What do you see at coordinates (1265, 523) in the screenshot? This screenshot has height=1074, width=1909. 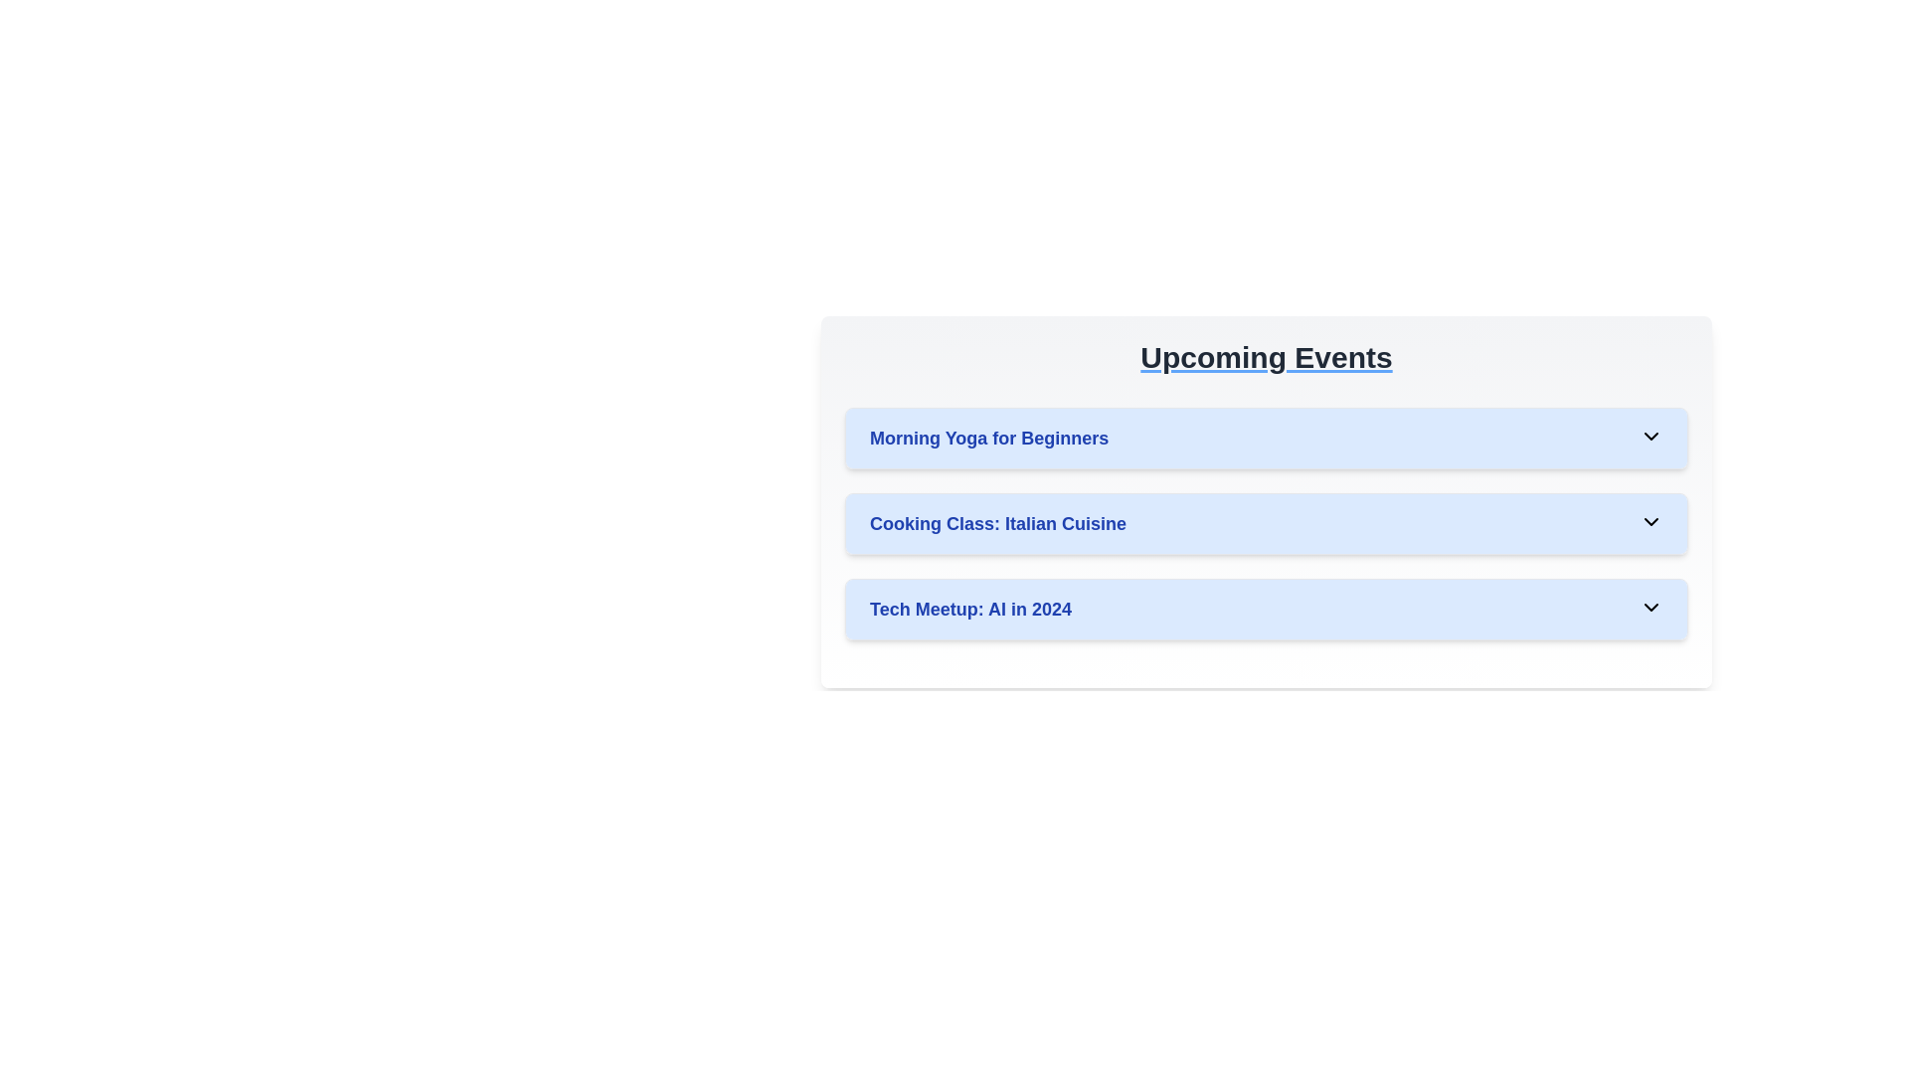 I see `the button labeled 'Cooking Class: Italian Cuisine' with a blue background` at bounding box center [1265, 523].